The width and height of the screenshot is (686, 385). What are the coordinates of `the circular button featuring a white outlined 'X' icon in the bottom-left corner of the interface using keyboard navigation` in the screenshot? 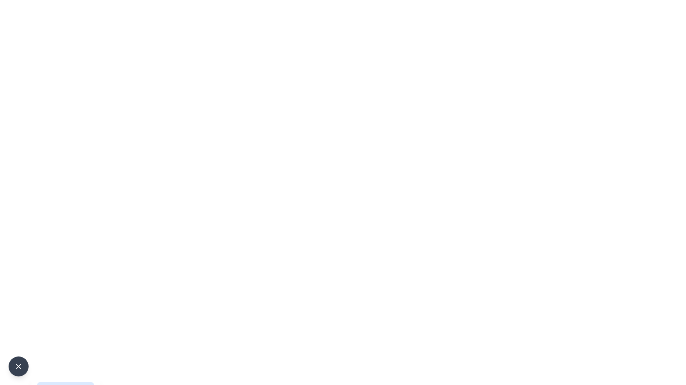 It's located at (19, 366).